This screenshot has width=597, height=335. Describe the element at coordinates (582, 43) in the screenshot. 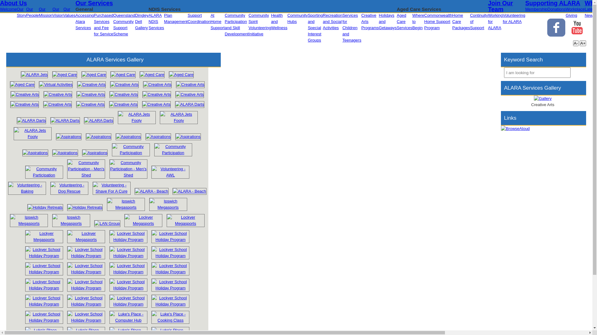

I see `'Increase text size'` at that location.